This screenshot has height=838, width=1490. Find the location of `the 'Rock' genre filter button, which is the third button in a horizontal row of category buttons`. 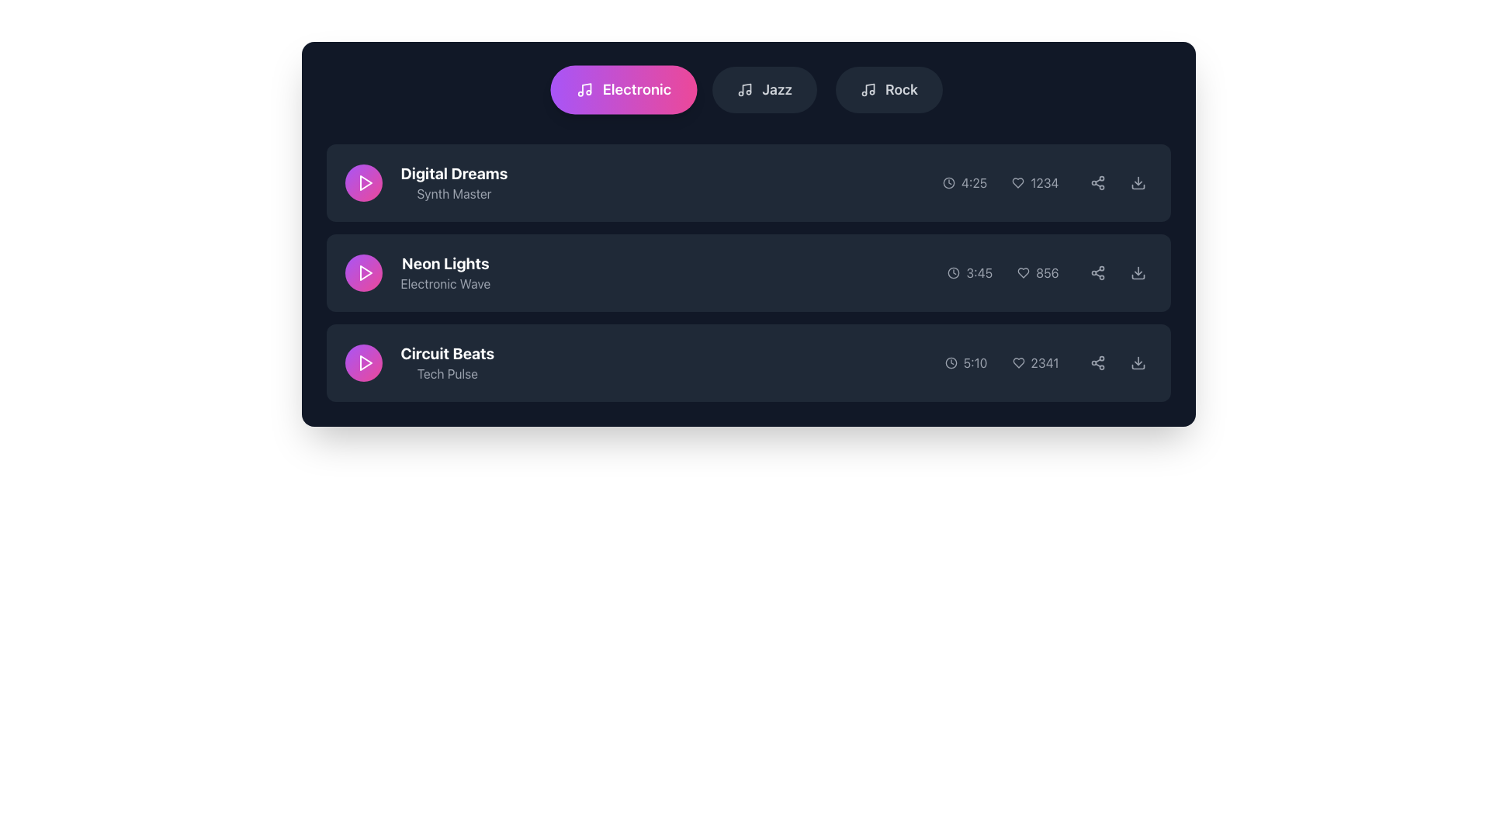

the 'Rock' genre filter button, which is the third button in a horizontal row of category buttons is located at coordinates (889, 89).